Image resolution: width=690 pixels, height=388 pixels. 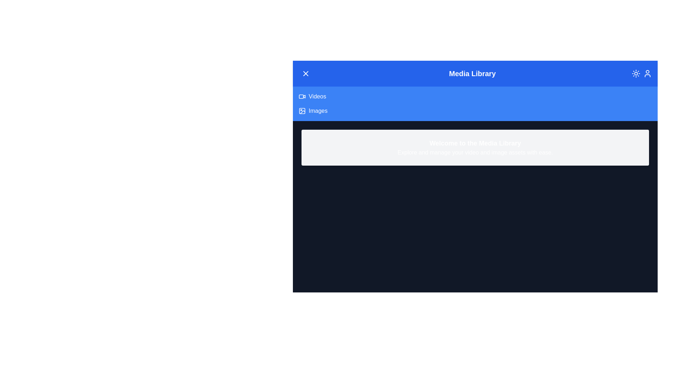 I want to click on the menu toggle button in the header to toggle the menu visibility, so click(x=305, y=73).